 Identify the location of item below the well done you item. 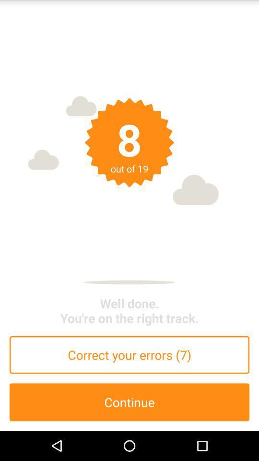
(129, 354).